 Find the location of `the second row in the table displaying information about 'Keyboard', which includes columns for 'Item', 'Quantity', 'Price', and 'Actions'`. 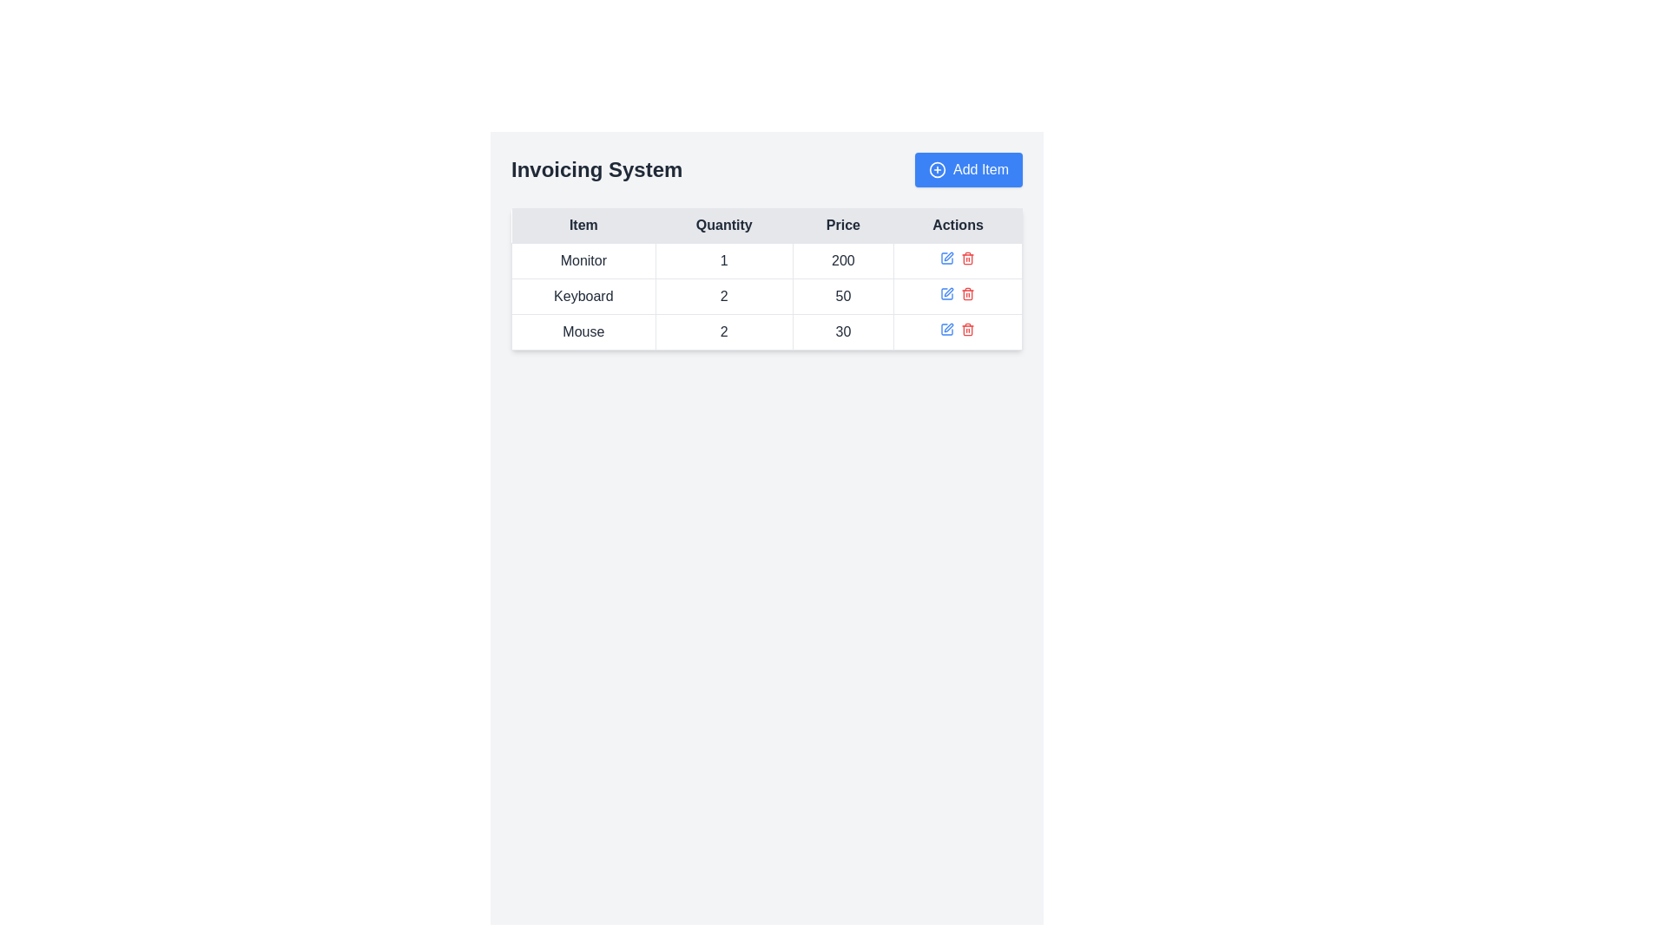

the second row in the table displaying information about 'Keyboard', which includes columns for 'Item', 'Quantity', 'Price', and 'Actions' is located at coordinates (766, 296).